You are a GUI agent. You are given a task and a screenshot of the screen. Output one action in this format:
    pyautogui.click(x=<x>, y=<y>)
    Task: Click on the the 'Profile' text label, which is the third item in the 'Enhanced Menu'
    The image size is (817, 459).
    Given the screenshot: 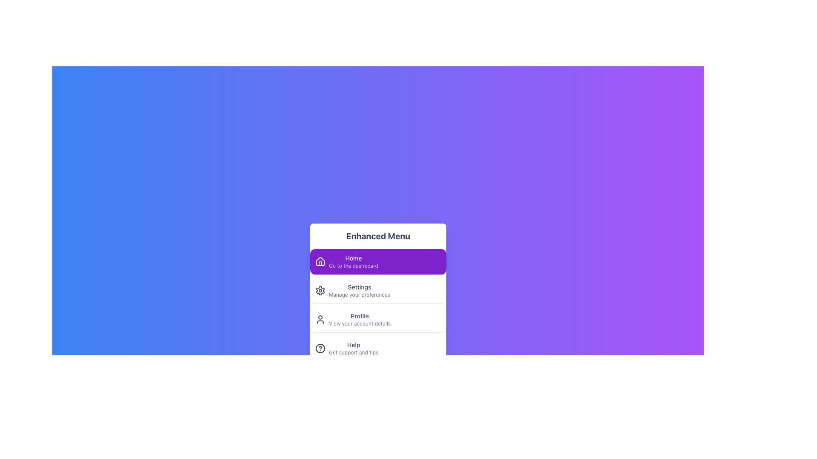 What is the action you would take?
    pyautogui.click(x=360, y=320)
    